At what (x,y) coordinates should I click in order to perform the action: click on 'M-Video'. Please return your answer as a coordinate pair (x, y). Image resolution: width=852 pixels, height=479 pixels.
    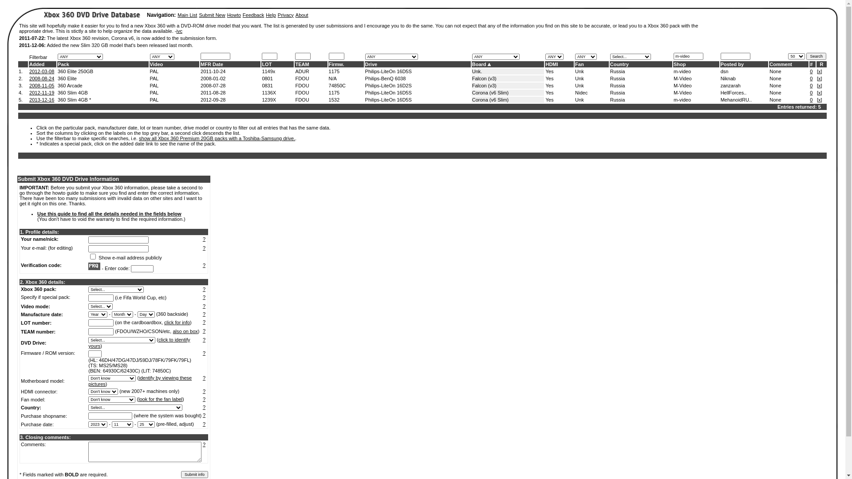
    Looking at the image, I should click on (682, 92).